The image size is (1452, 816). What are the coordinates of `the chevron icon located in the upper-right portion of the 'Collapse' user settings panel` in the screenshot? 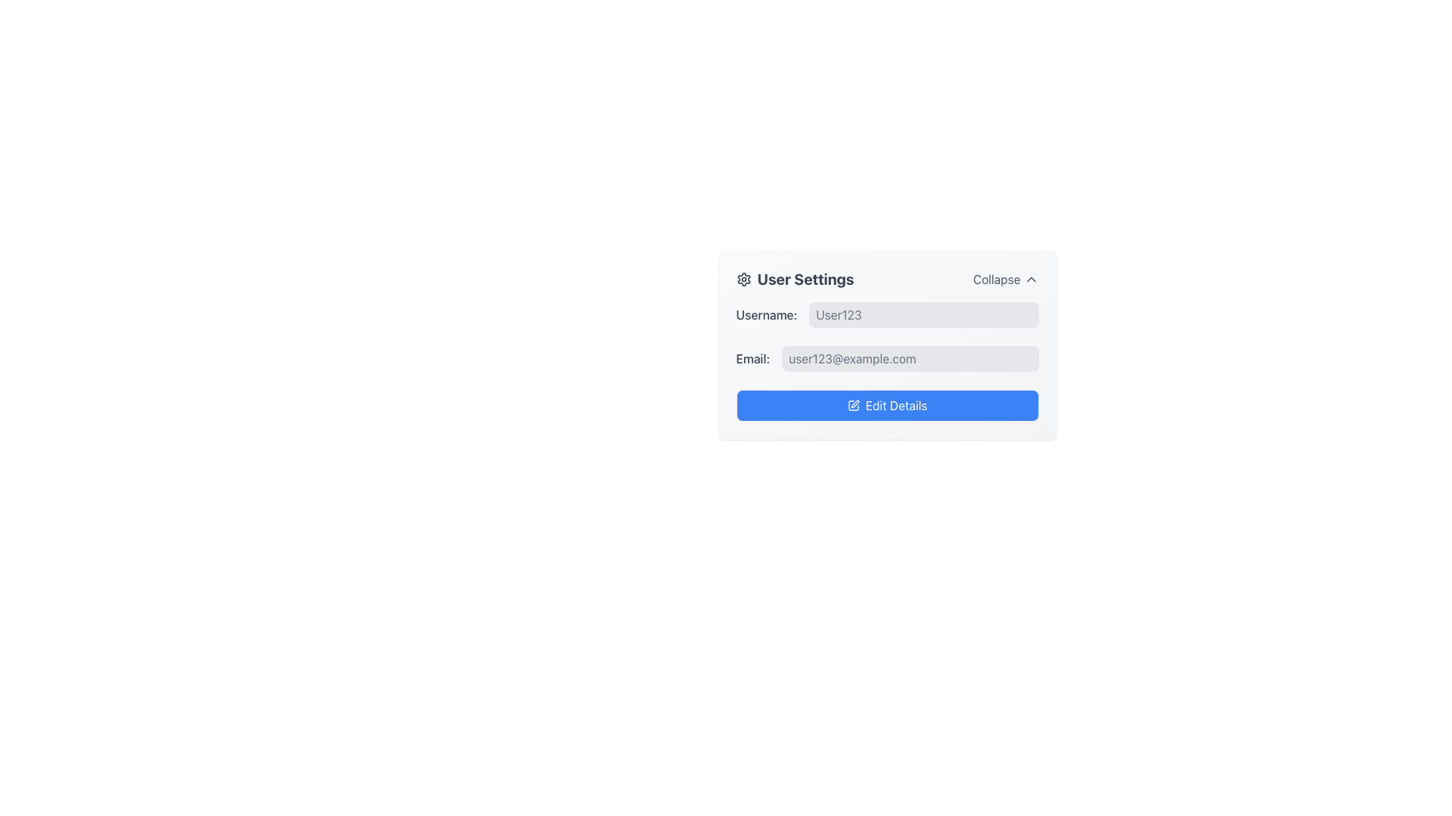 It's located at (1030, 280).